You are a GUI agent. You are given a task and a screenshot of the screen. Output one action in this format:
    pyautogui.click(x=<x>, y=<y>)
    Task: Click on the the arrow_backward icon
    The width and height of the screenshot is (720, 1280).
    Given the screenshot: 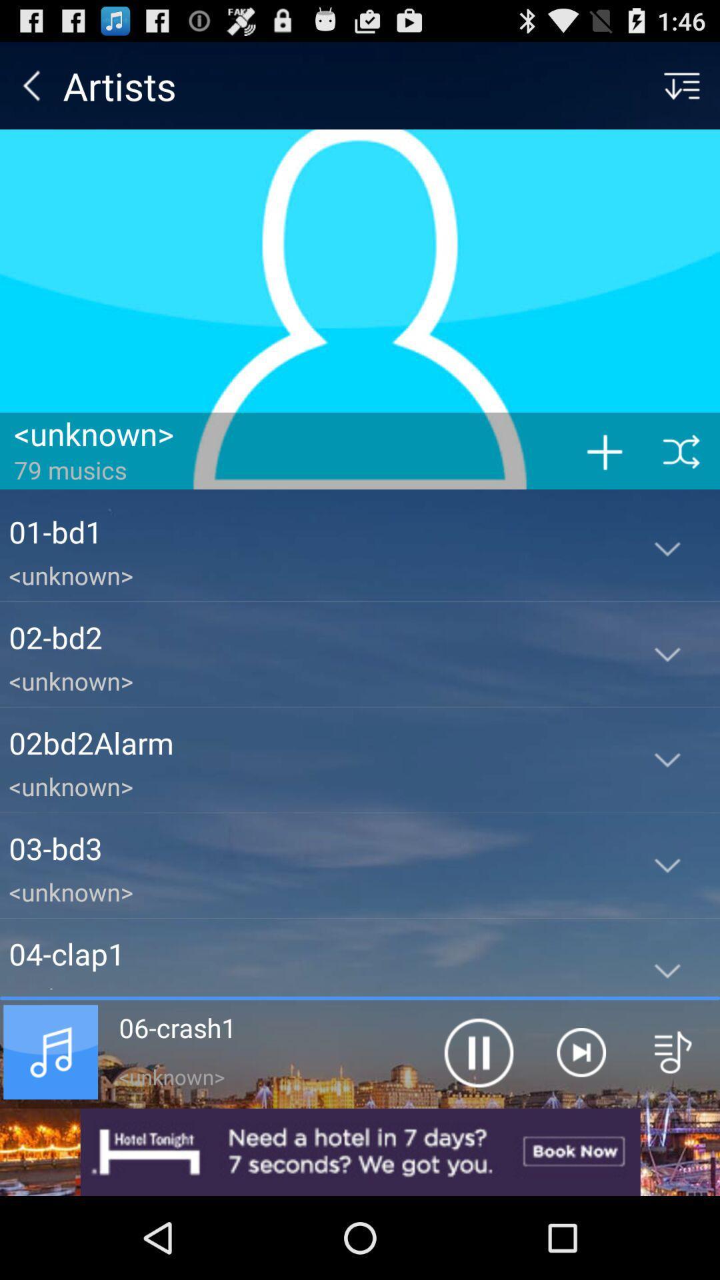 What is the action you would take?
    pyautogui.click(x=31, y=91)
    